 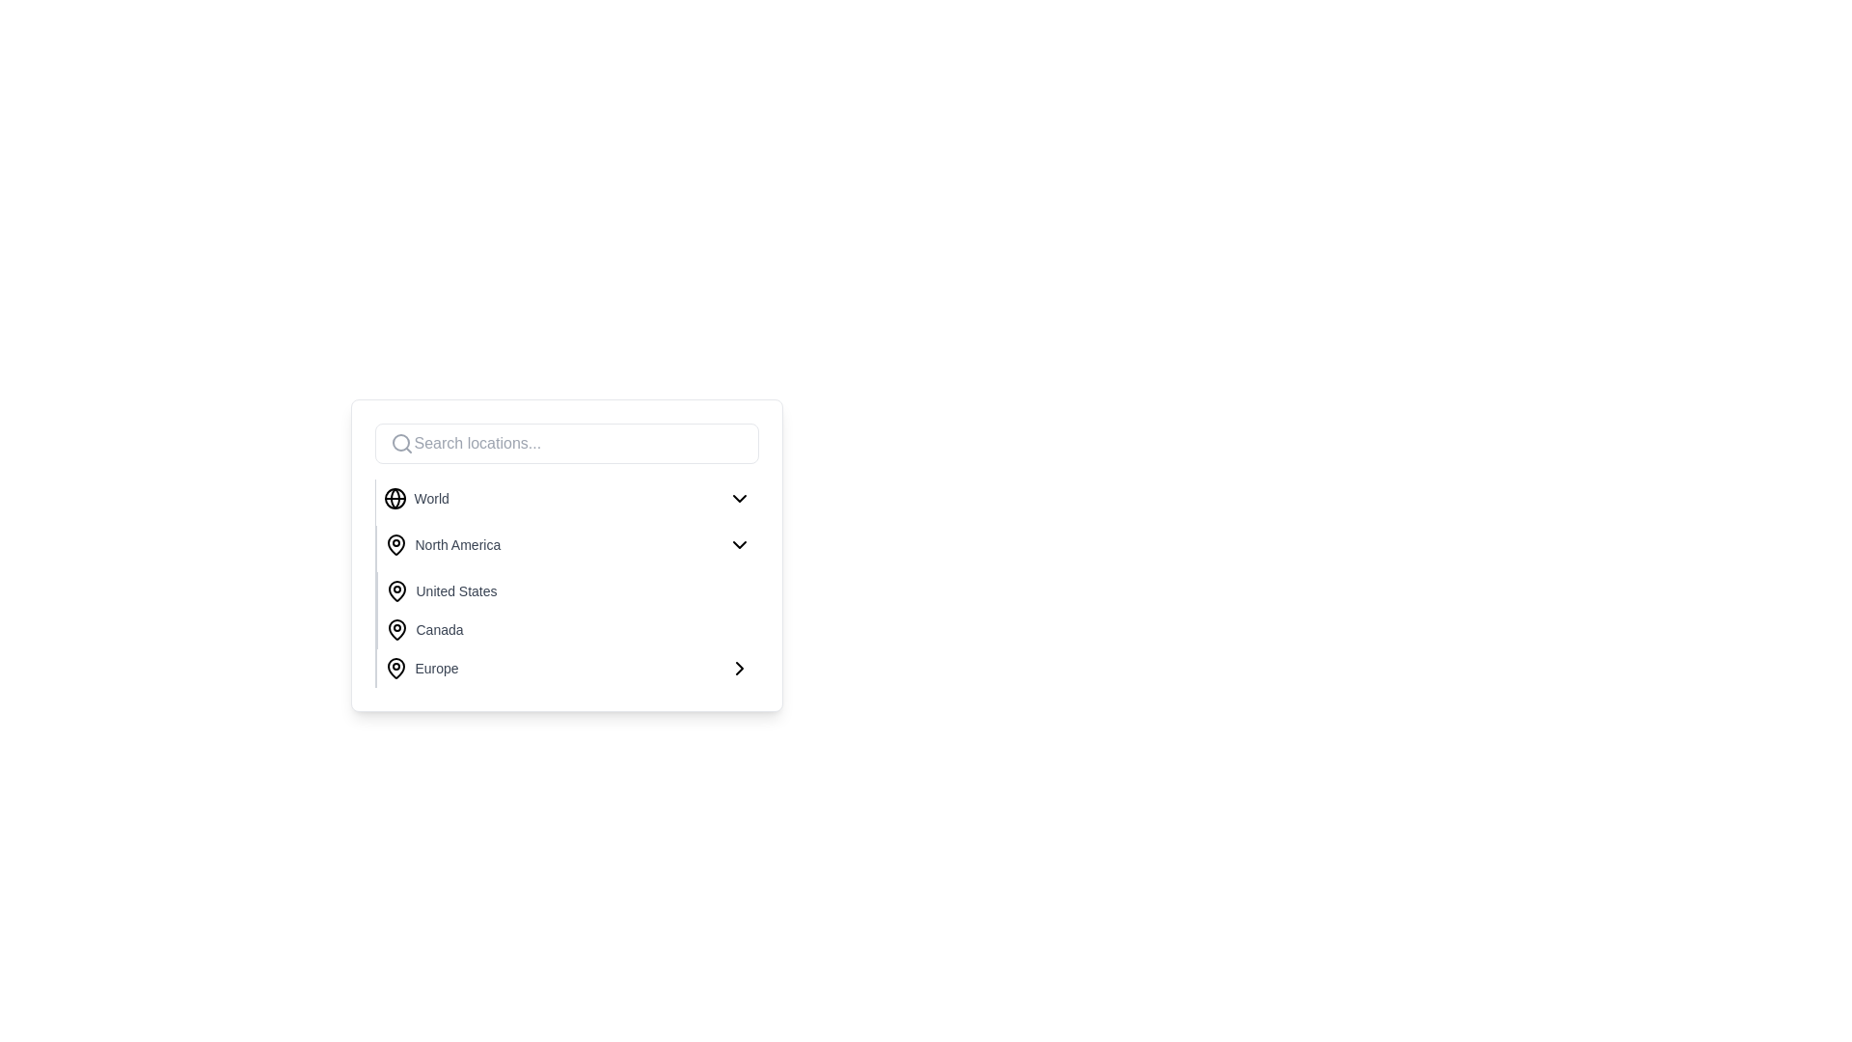 I want to click on the first selectable option in the dropdown menu located under the search bar, so click(x=566, y=497).